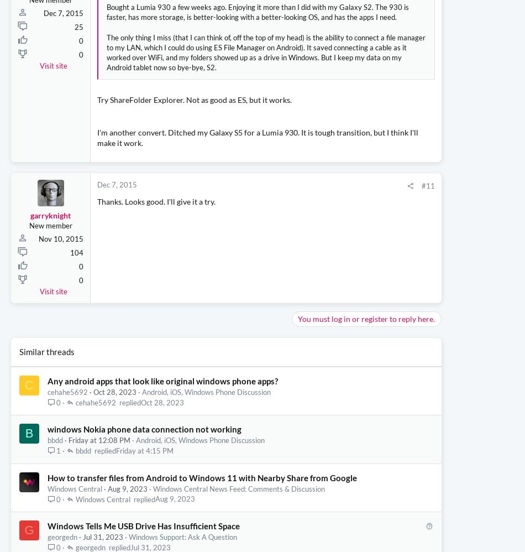 The height and width of the screenshot is (552, 525). What do you see at coordinates (212, 146) in the screenshot?
I see `'The only thing I miss (that I can think of, off the top of my head) is the ability to connect a file manager to my LAN, which I could do using ES File Manager on Android). It saved connecting a cable as it worked over WiFi, and my folders showed up as a drive in Windows. But I keep my data on my Android tablet now so bye-bye, S2.'` at bounding box center [212, 146].